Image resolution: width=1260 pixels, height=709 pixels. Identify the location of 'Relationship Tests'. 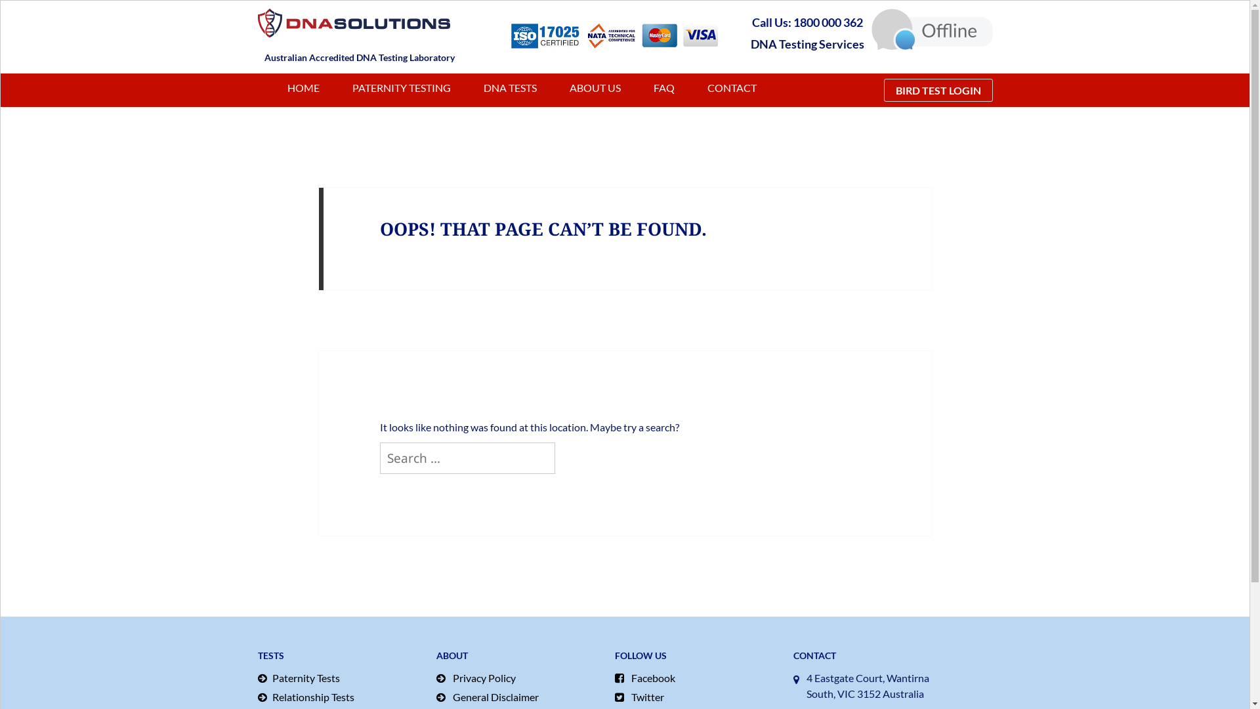
(340, 696).